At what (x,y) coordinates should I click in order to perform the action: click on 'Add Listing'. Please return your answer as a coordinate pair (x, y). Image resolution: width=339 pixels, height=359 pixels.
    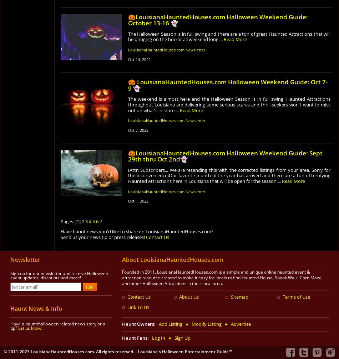
    Looking at the image, I should click on (171, 323).